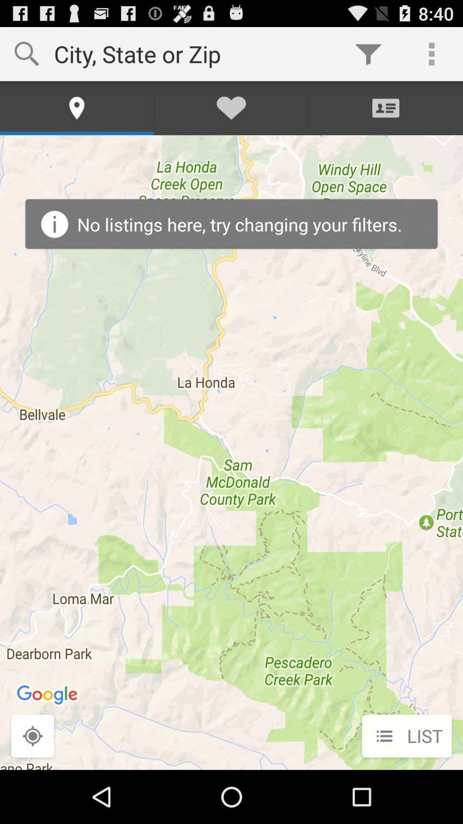 This screenshot has width=463, height=824. Describe the element at coordinates (406, 736) in the screenshot. I see `the button at the bottom right corner` at that location.